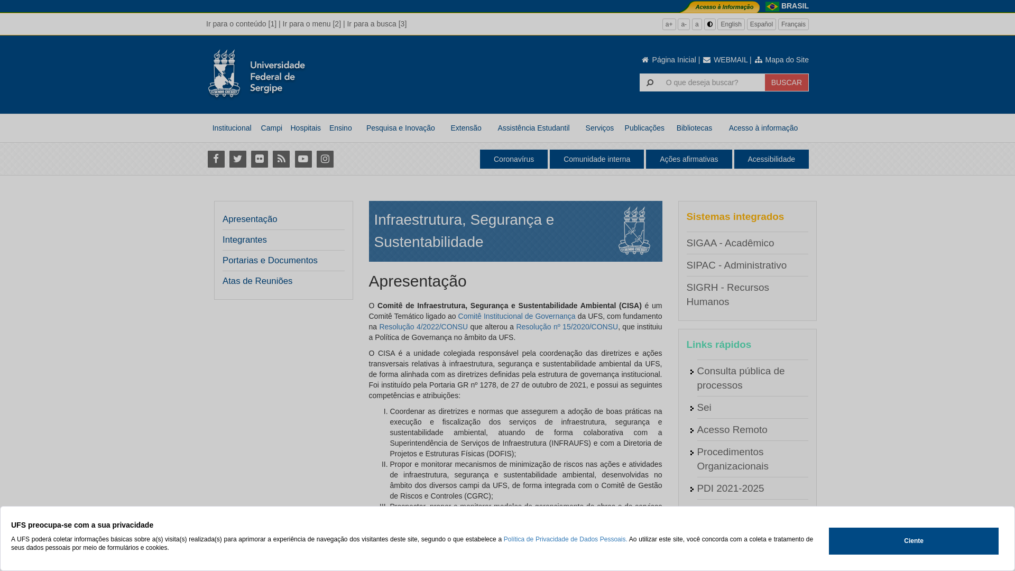 The height and width of the screenshot is (571, 1015). I want to click on 'BUSCAR', so click(787, 81).